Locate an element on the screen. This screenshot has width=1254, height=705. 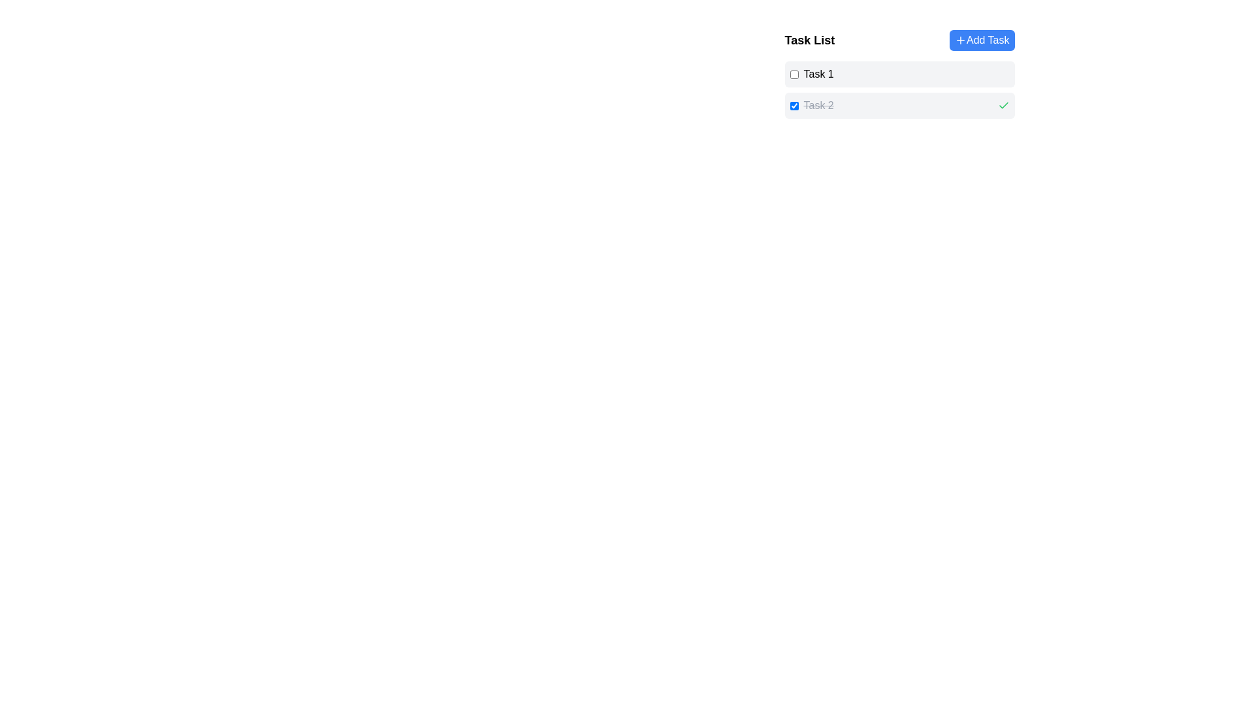
on the text label displaying 'Task 1', which is located adjacent is located at coordinates (811, 74).